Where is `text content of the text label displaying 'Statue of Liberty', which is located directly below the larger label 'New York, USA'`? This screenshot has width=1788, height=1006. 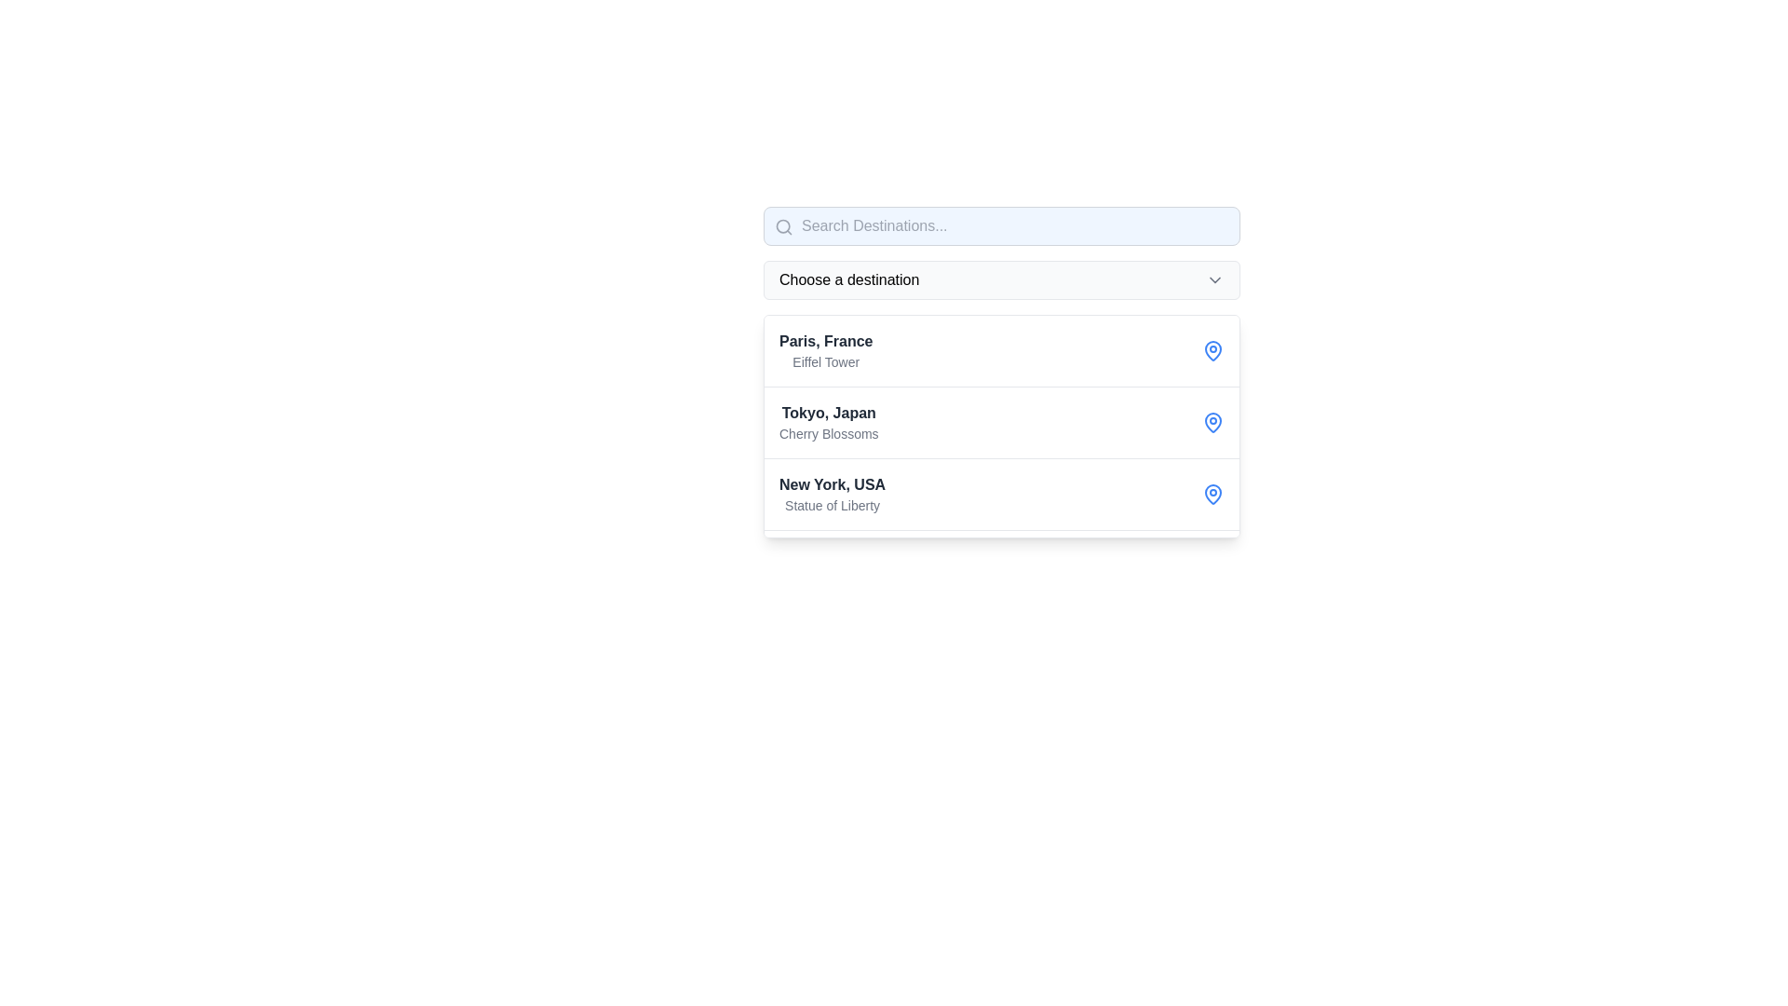
text content of the text label displaying 'Statue of Liberty', which is located directly below the larger label 'New York, USA' is located at coordinates (832, 506).